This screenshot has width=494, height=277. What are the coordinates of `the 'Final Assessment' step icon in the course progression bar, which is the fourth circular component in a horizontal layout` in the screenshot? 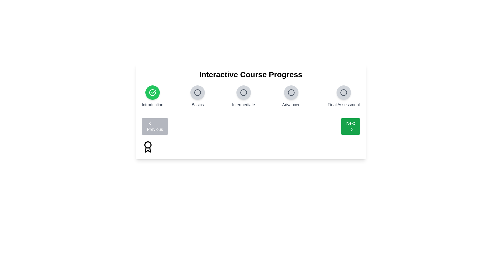 It's located at (344, 93).